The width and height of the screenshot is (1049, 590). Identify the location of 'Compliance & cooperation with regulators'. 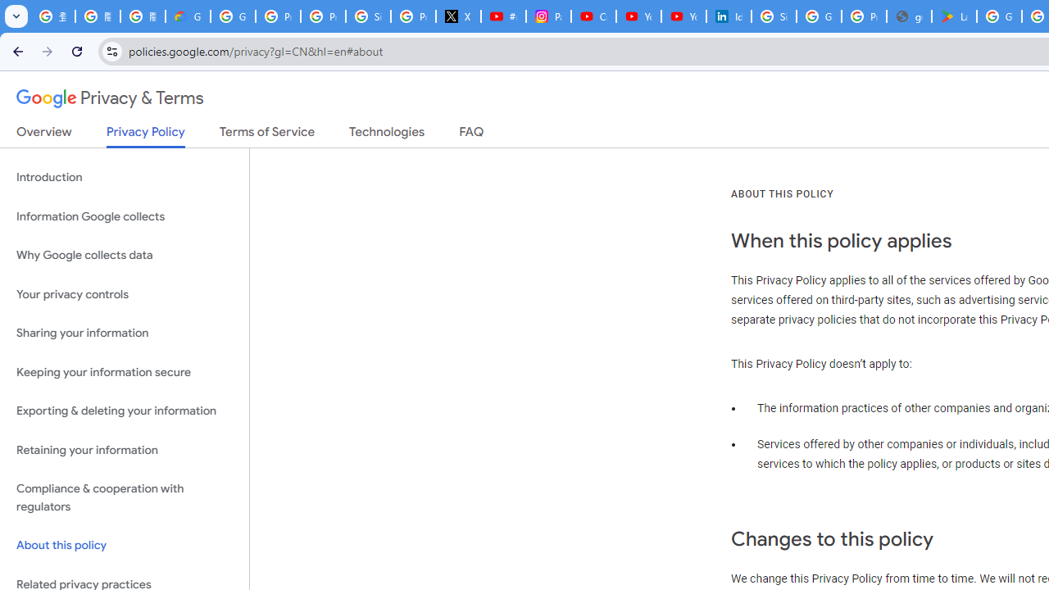
(124, 497).